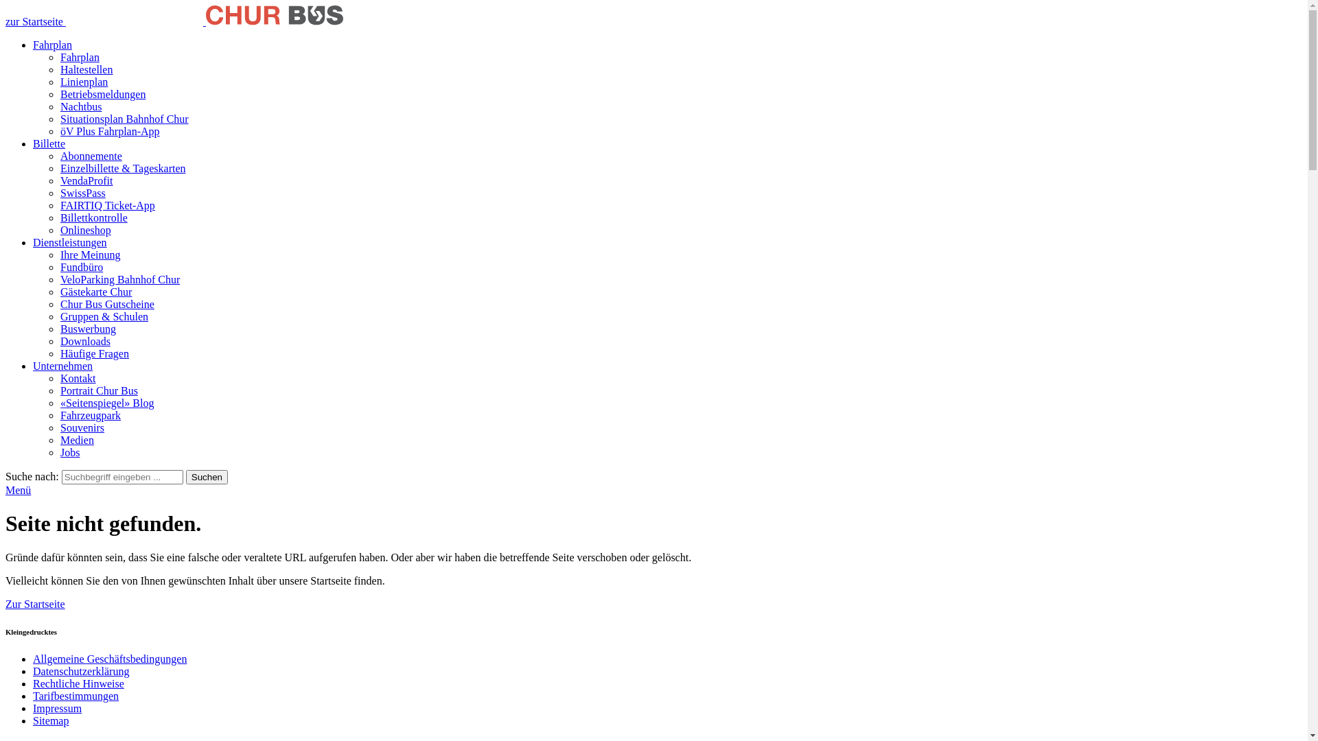  I want to click on 'Abonnemente', so click(91, 155).